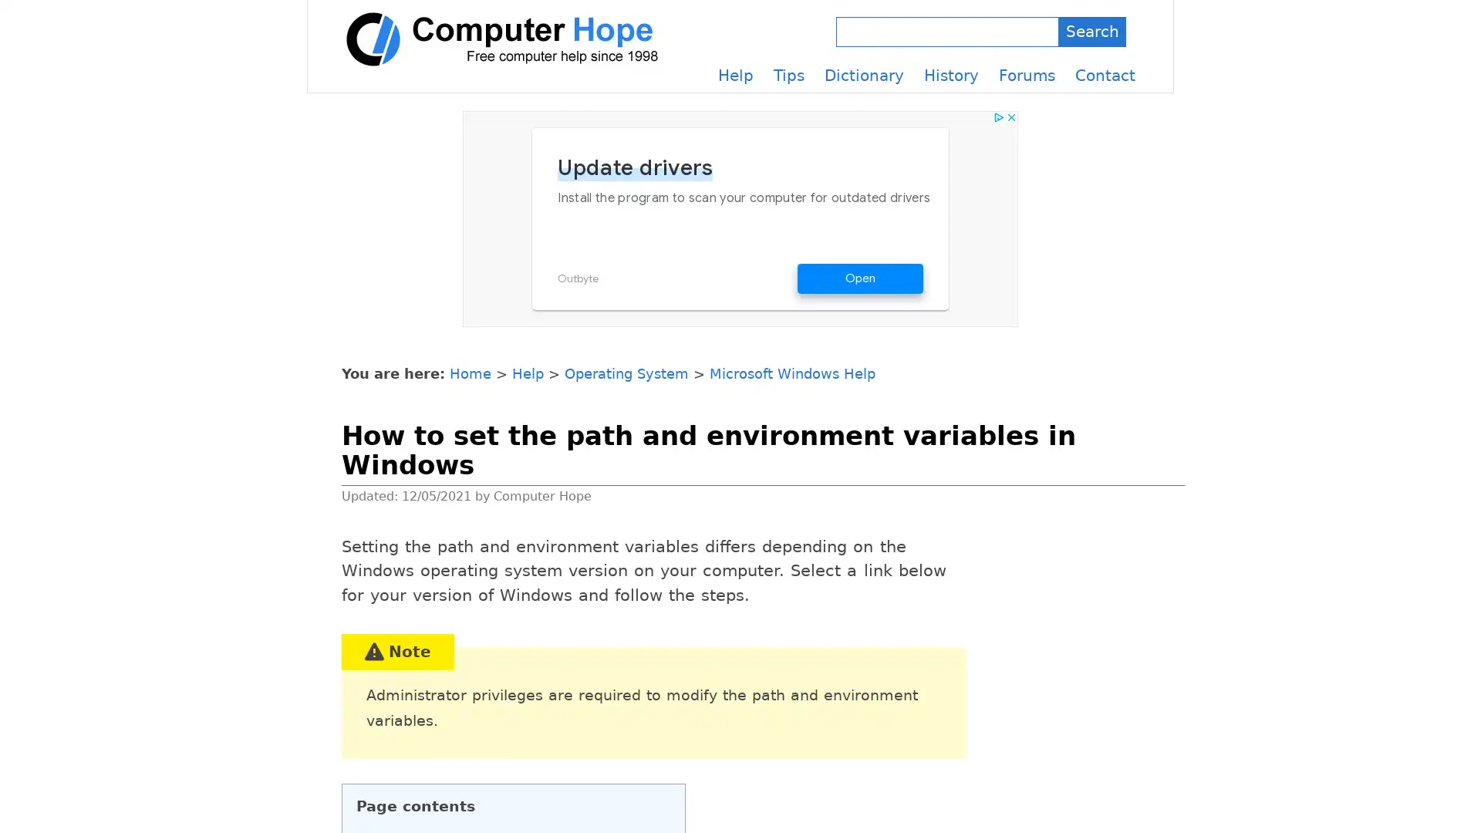  Describe the element at coordinates (1091, 31) in the screenshot. I see `Search` at that location.